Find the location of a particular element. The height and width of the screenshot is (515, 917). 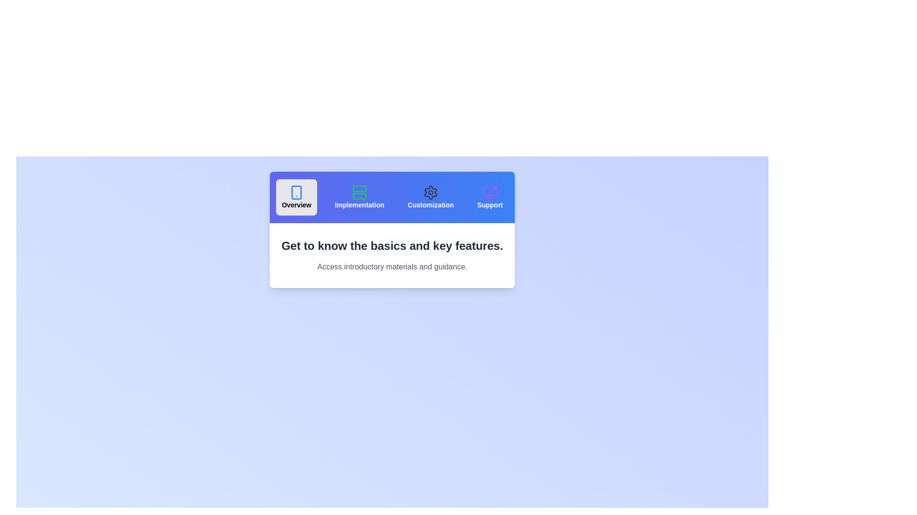

the tab labeled Support to view its details is located at coordinates (490, 196).